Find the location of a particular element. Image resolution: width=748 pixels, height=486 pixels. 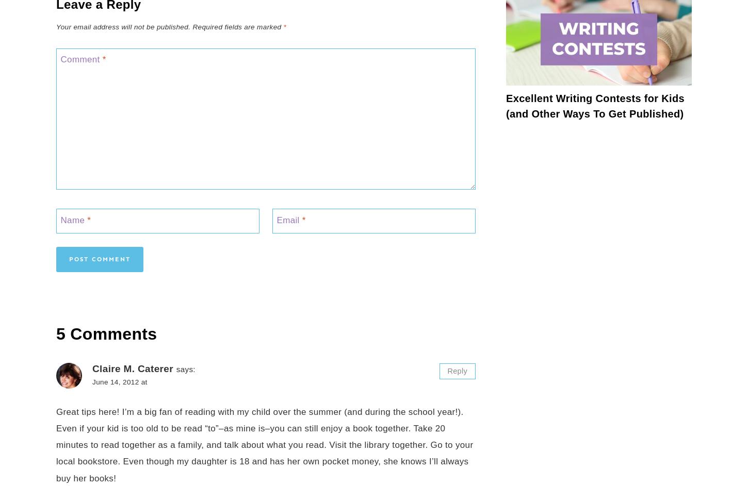

'Claire M. Caterer' is located at coordinates (133, 368).